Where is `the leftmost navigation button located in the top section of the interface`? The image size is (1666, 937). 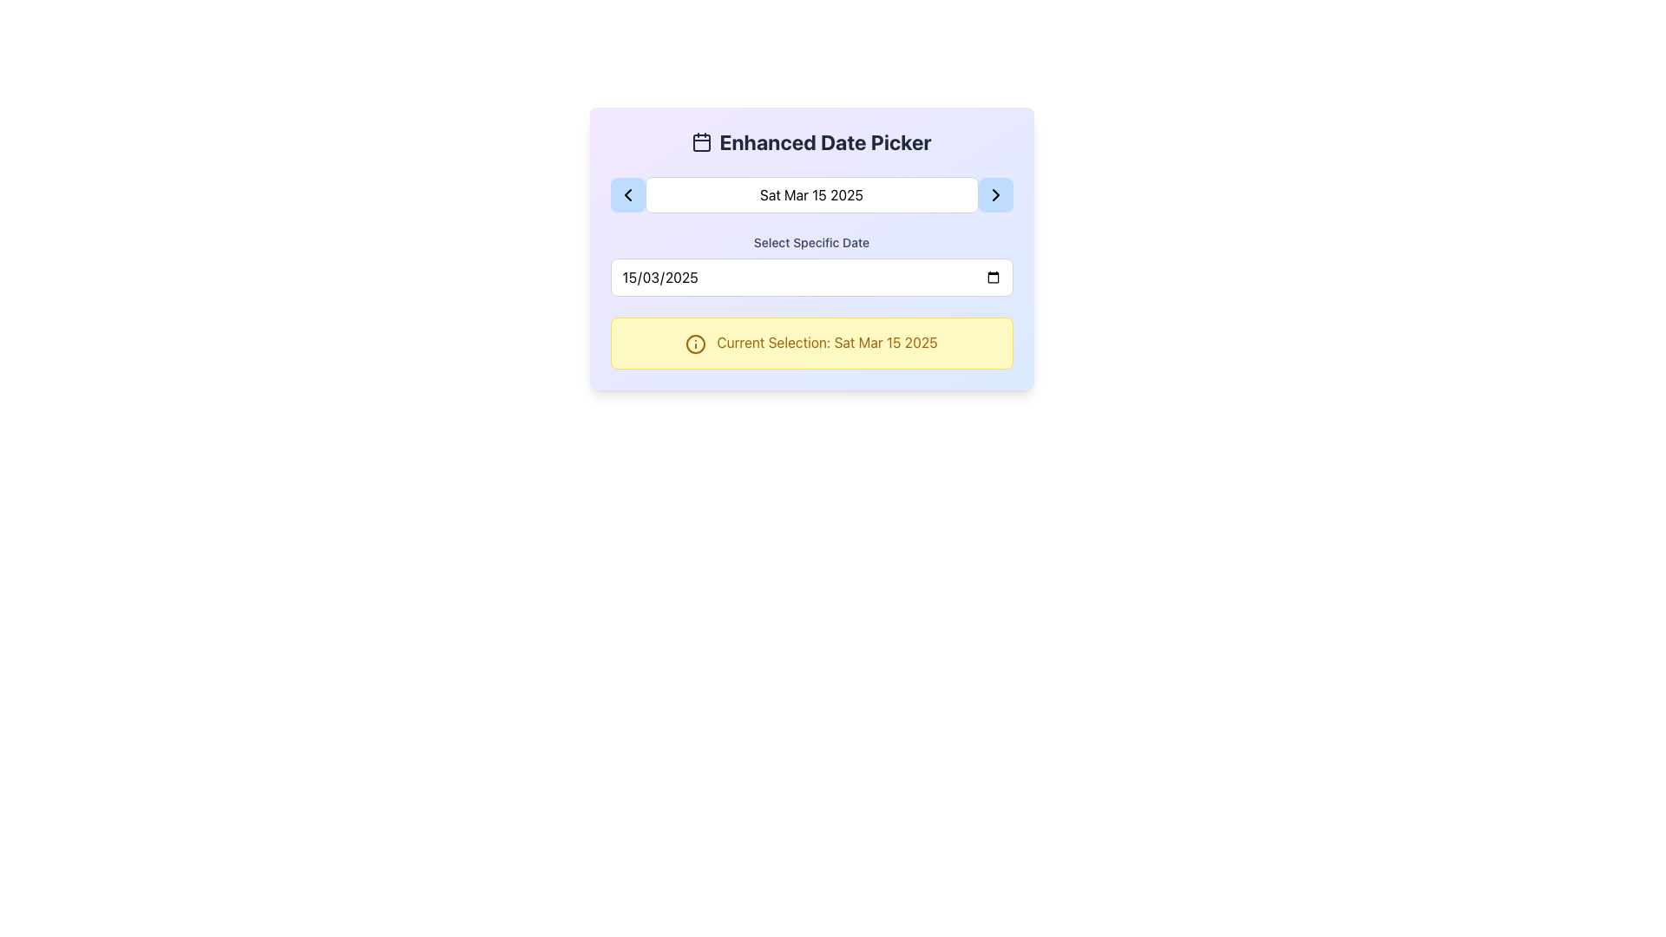 the leftmost navigation button located in the top section of the interface is located at coordinates (626, 194).